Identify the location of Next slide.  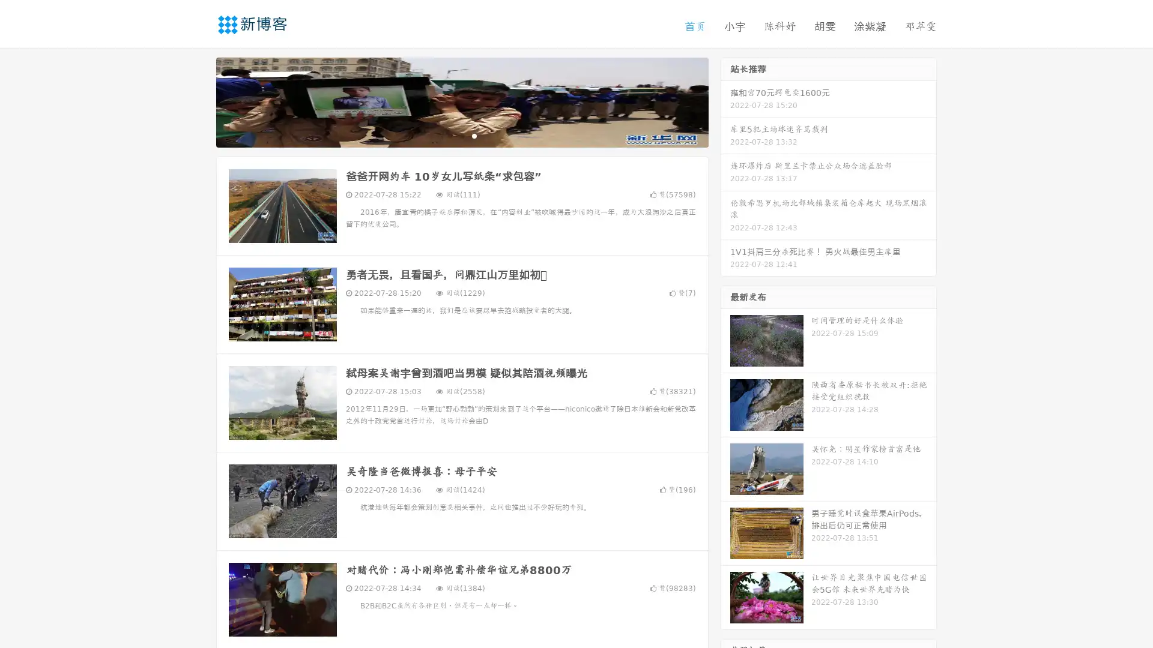
(725, 101).